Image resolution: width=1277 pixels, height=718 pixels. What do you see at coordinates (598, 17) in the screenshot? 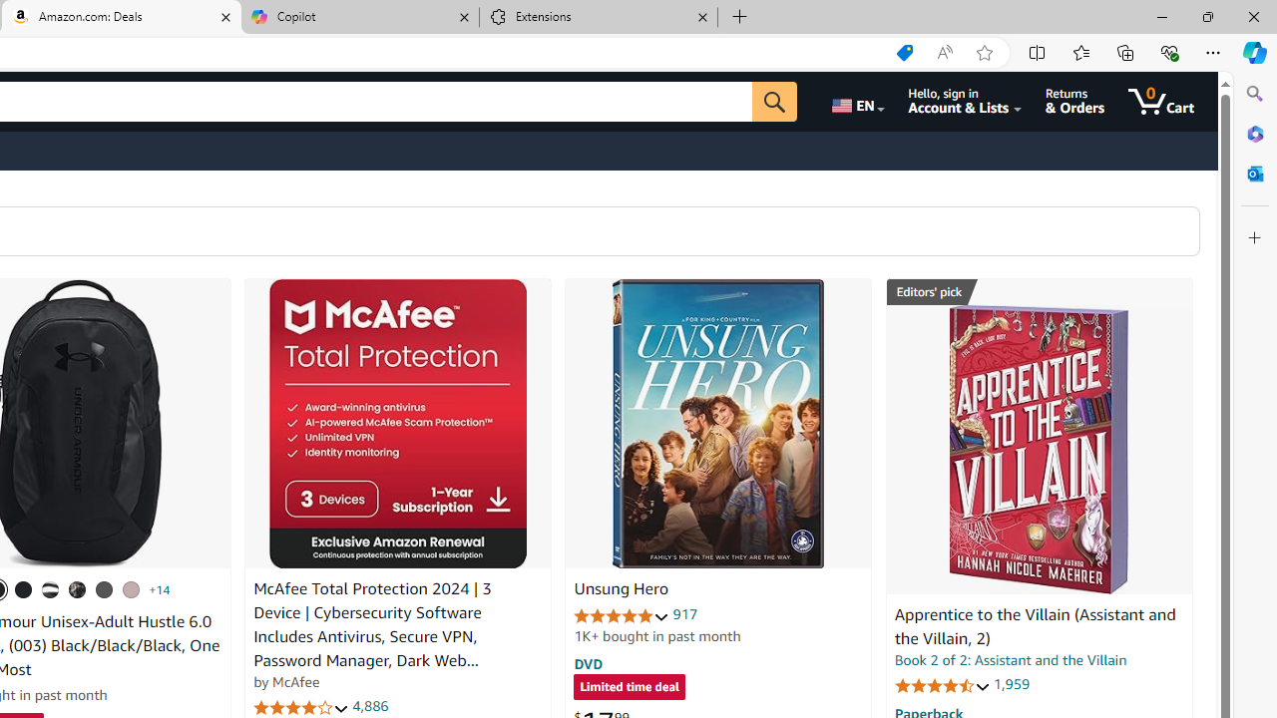
I see `'Extensions'` at bounding box center [598, 17].